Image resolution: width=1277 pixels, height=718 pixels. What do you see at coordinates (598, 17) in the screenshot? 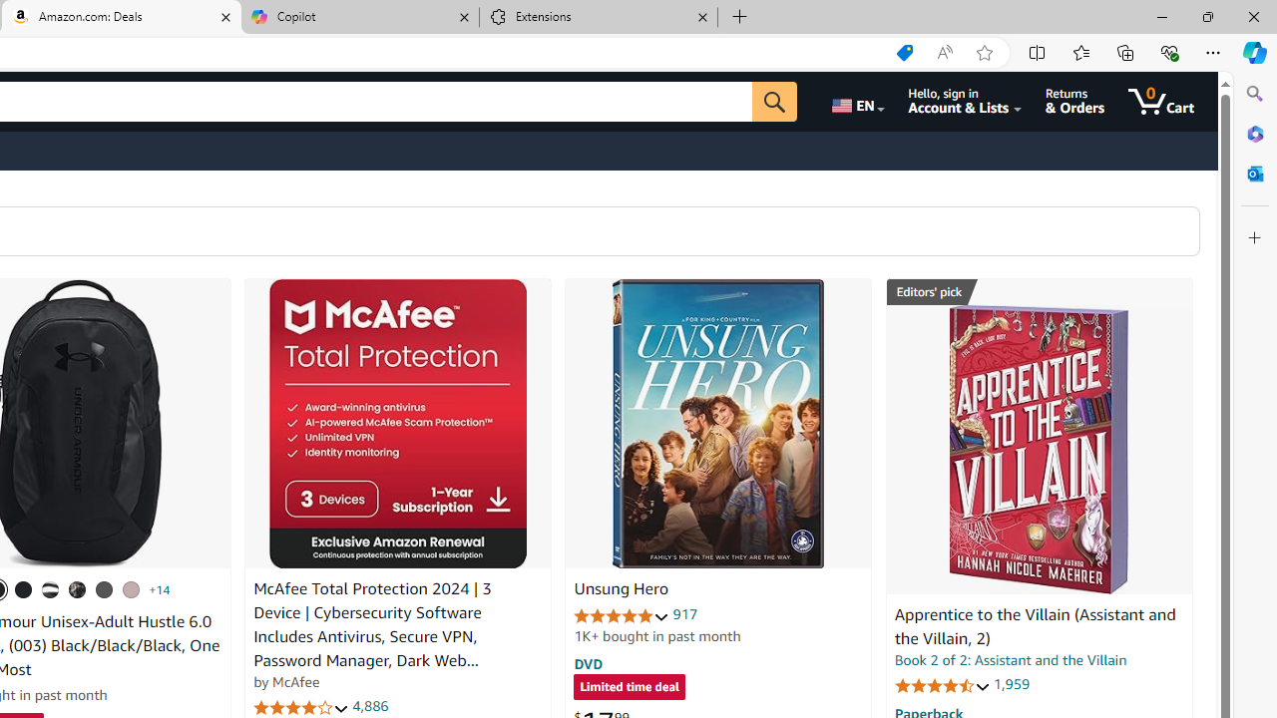
I see `'Extensions'` at bounding box center [598, 17].